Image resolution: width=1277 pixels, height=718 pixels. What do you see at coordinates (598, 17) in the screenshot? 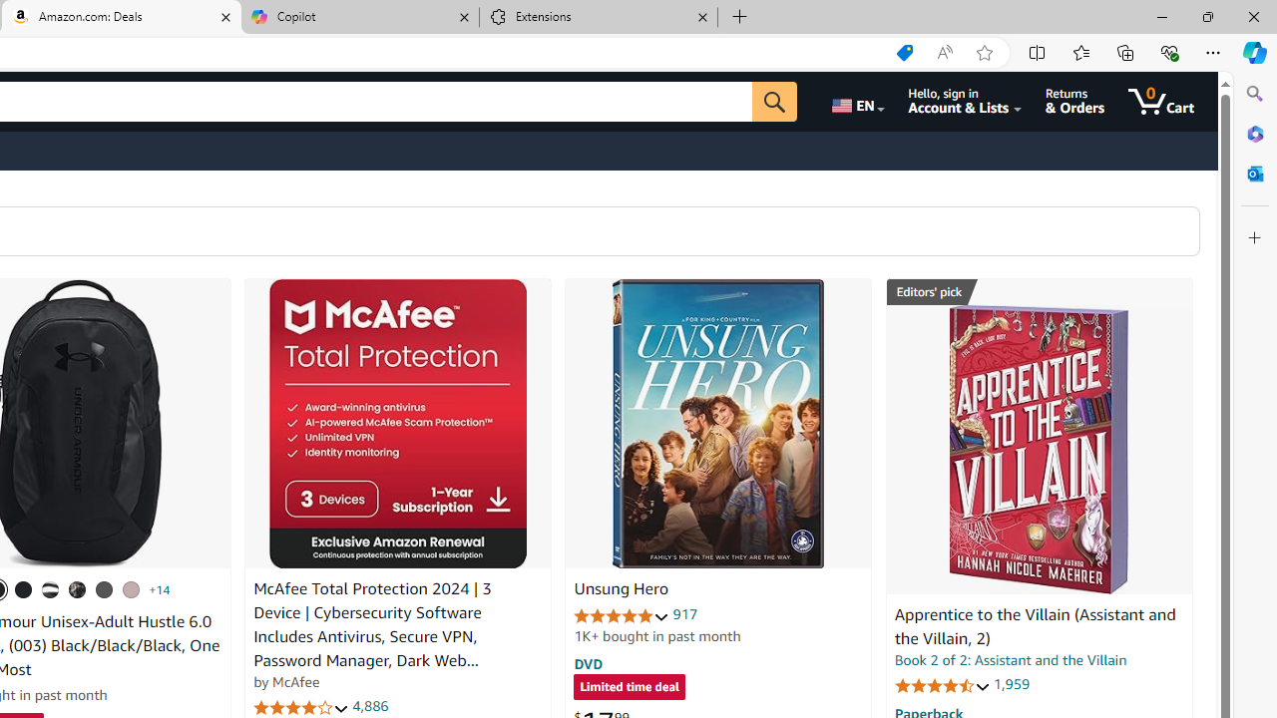
I see `'Extensions'` at bounding box center [598, 17].